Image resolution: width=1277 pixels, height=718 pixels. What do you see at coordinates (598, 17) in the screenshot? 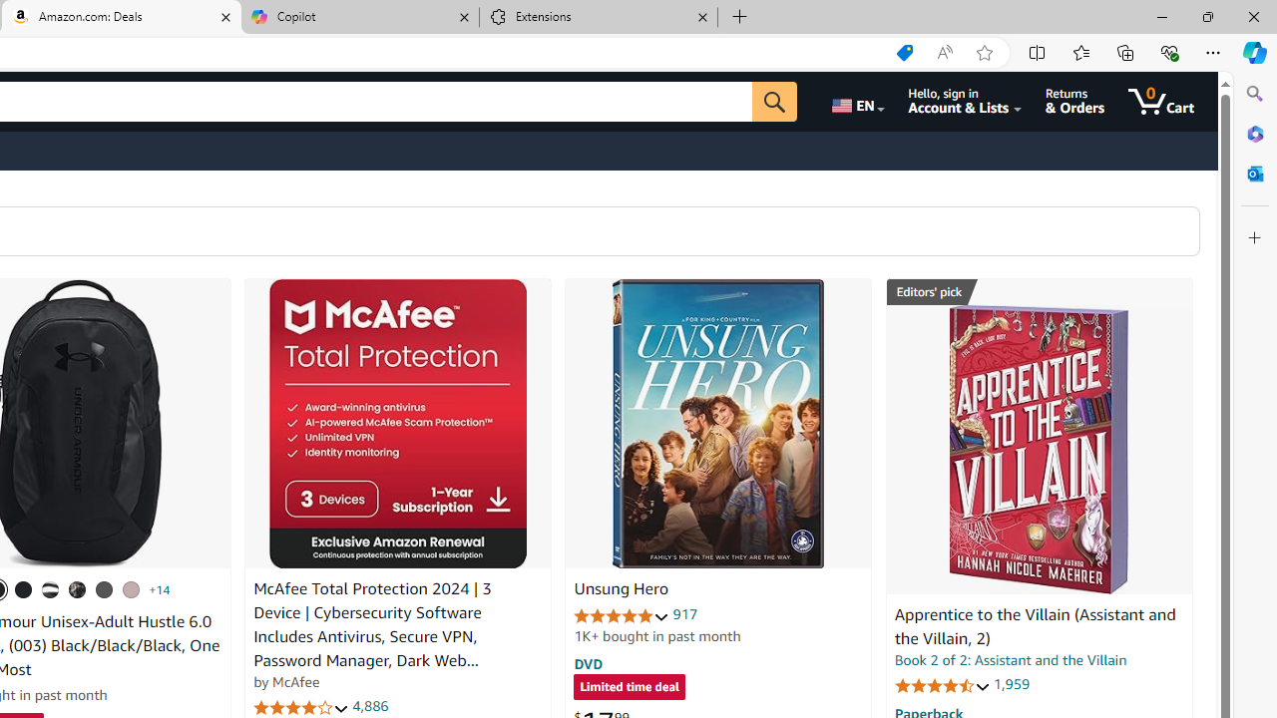
I see `'Extensions'` at bounding box center [598, 17].